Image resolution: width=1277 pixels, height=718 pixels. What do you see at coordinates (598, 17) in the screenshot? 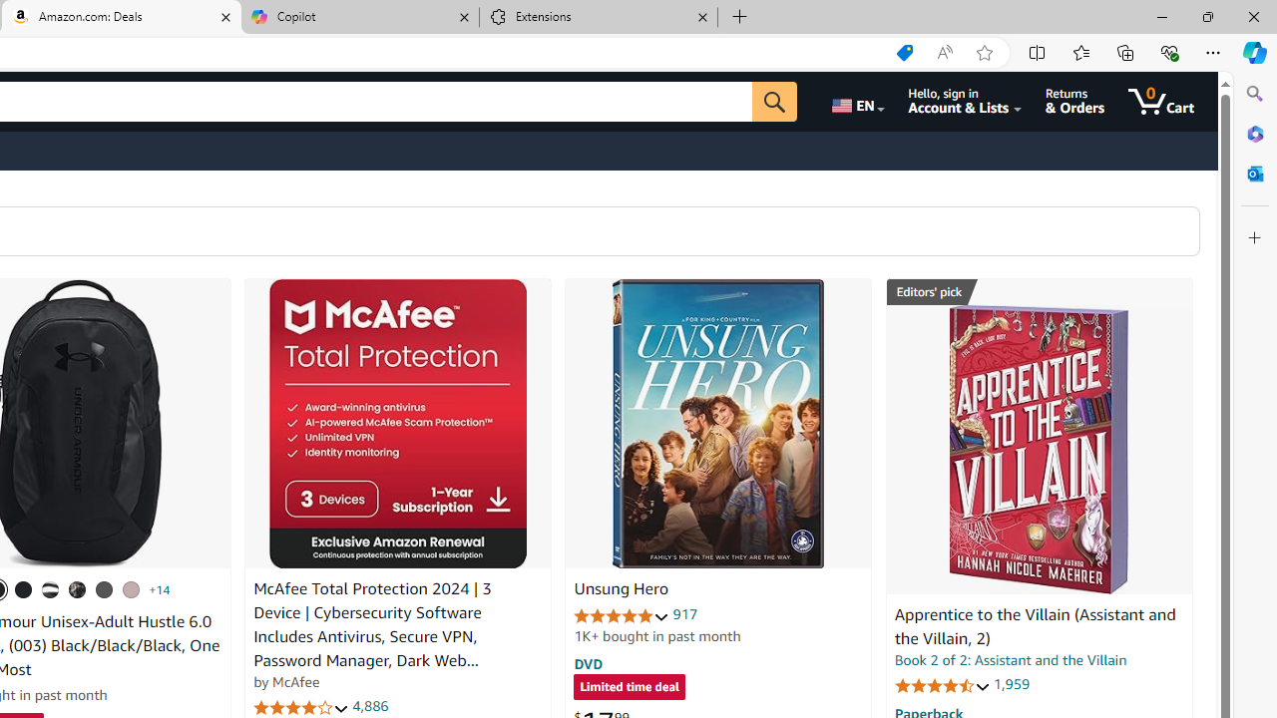
I see `'Extensions'` at bounding box center [598, 17].